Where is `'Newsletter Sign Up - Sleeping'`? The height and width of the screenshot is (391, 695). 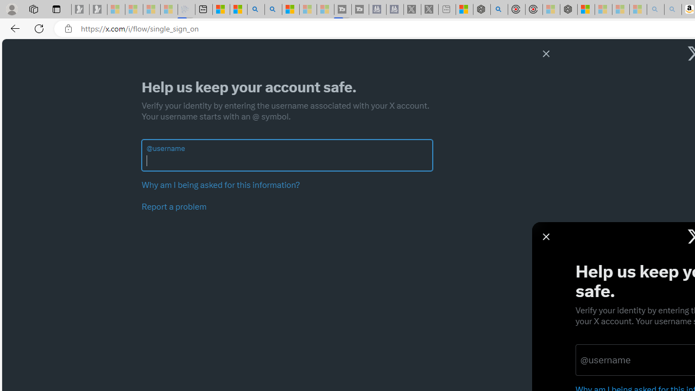
'Newsletter Sign Up - Sleeping' is located at coordinates (98, 9).